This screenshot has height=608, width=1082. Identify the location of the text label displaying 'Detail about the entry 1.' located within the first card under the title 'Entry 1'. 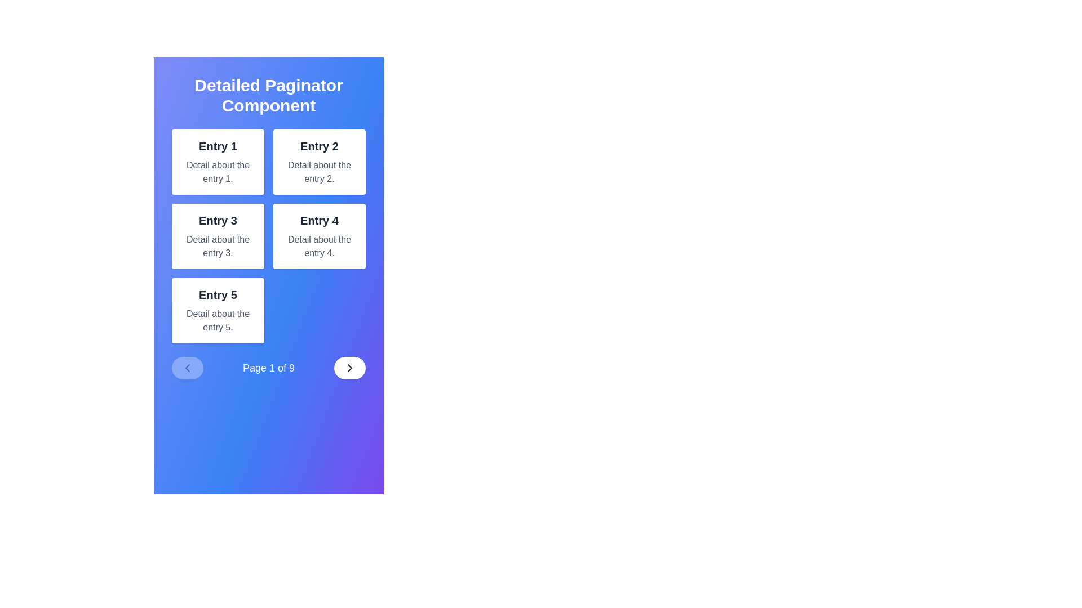
(218, 172).